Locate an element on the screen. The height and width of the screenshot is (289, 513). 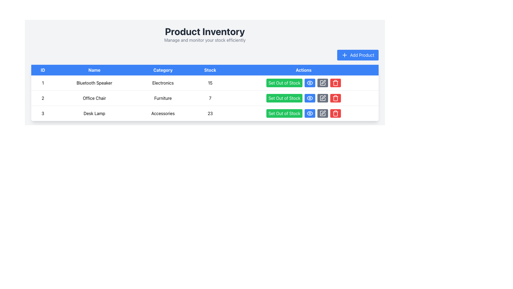
the view icon located within the blue button in the Actions column of the third row, associated with the Desk Lamp item is located at coordinates (310, 113).